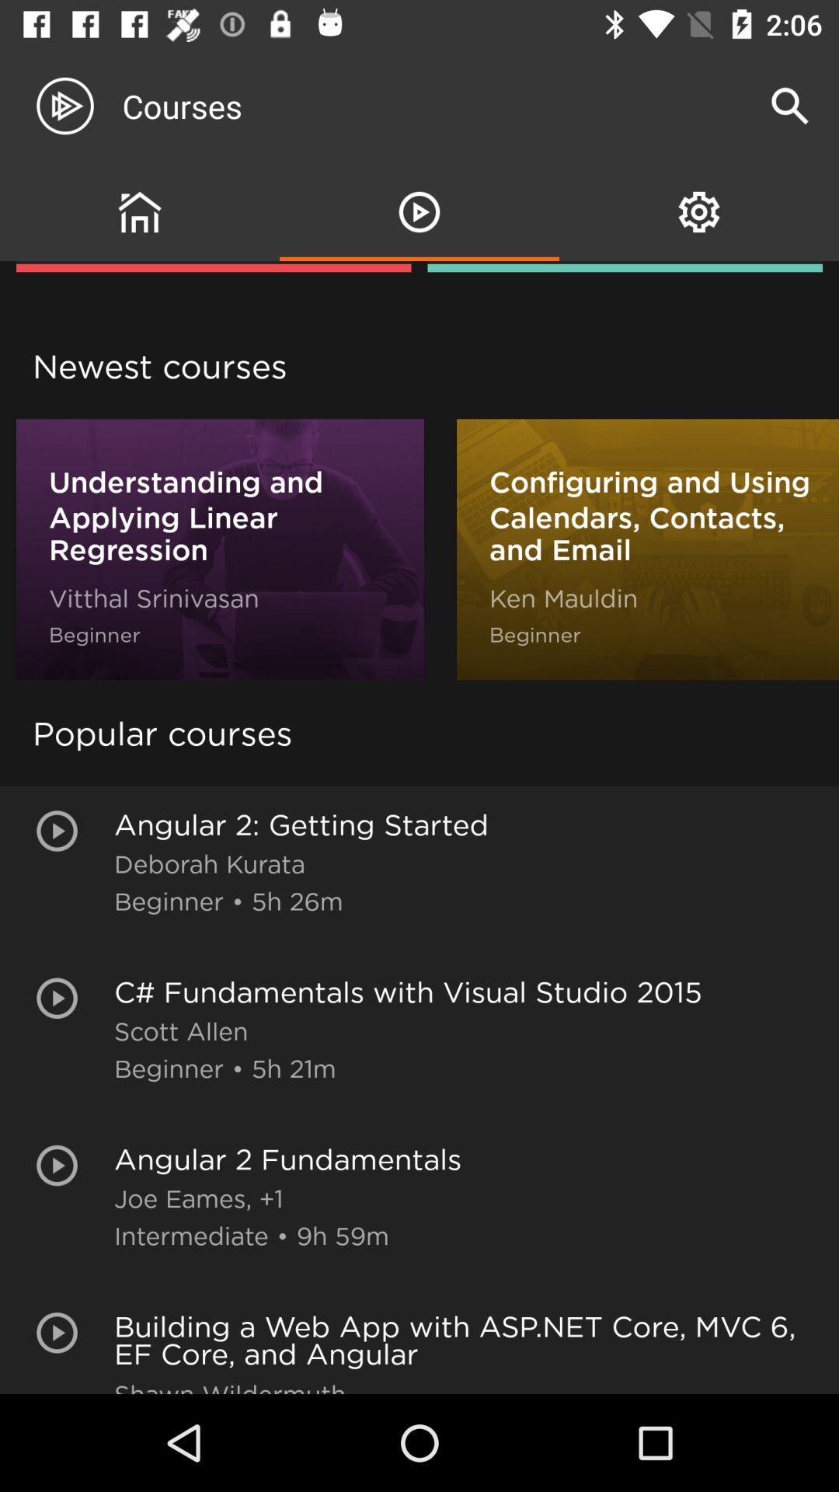 The image size is (839, 1492). What do you see at coordinates (140, 211) in the screenshot?
I see `the group icon` at bounding box center [140, 211].